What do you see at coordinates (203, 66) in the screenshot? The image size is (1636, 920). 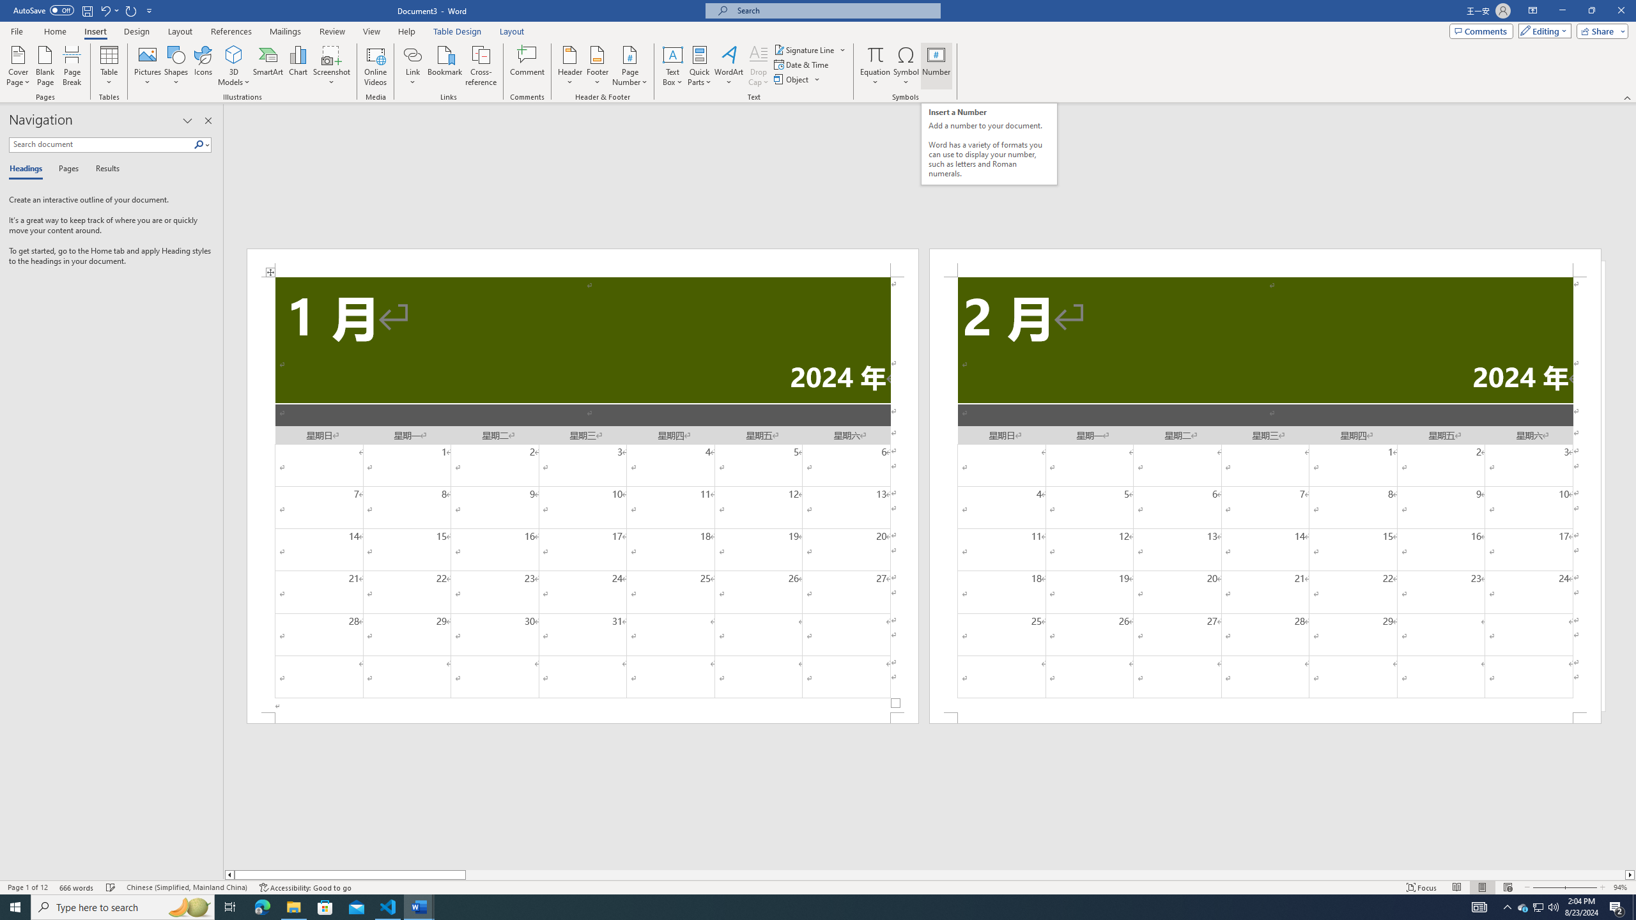 I see `'Icons'` at bounding box center [203, 66].